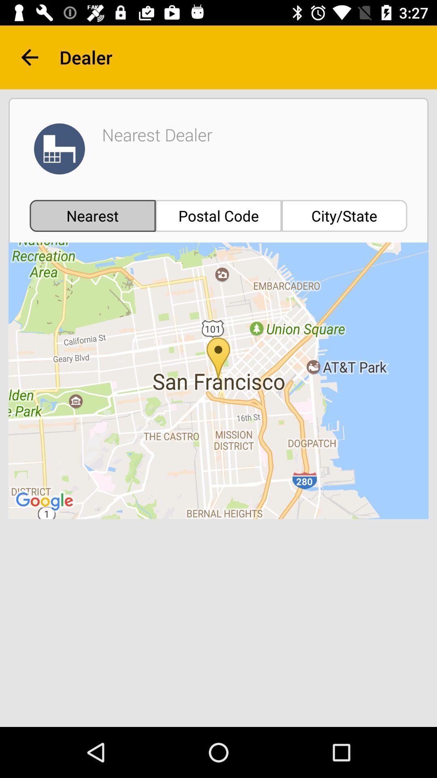  What do you see at coordinates (218, 216) in the screenshot?
I see `the postal code` at bounding box center [218, 216].